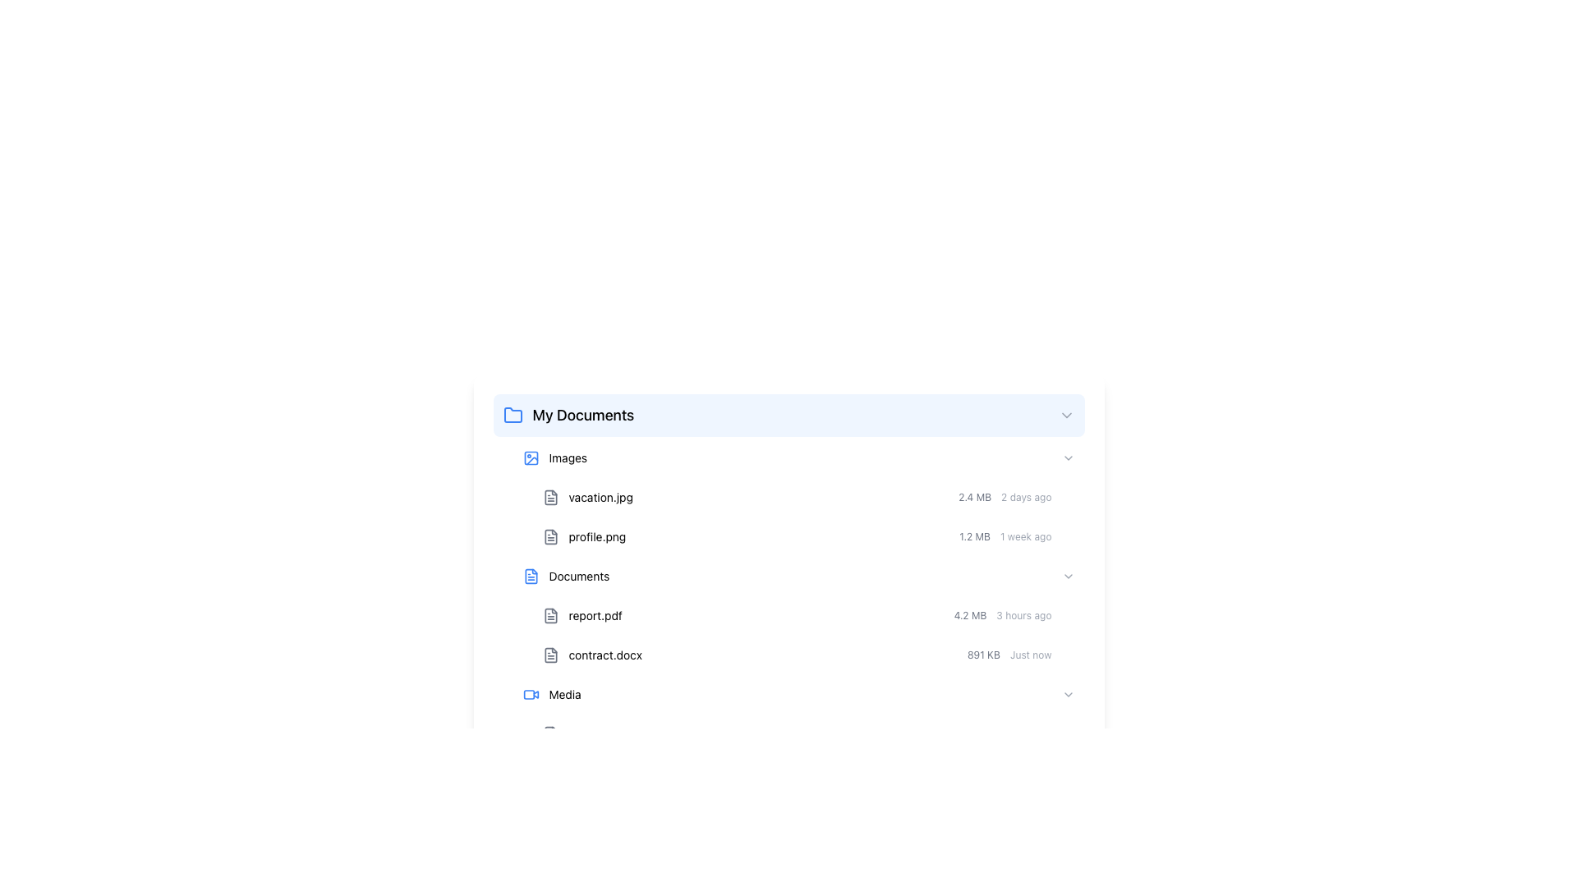 The width and height of the screenshot is (1577, 887). I want to click on text of the label displaying 'profile.png', which is located in the 'Images' section of the file list, positioned to the right of its corresponding icon, so click(596, 537).